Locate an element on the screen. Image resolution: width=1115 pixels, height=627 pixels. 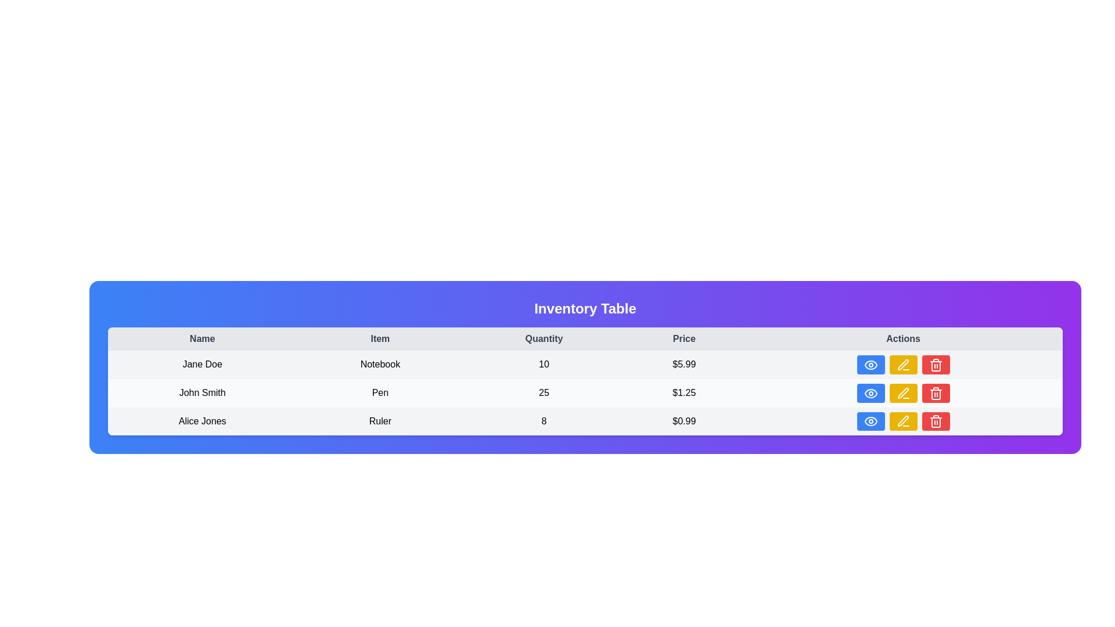
the blue button with rounded corners and a white eye icon in the 'Actions' column corresponding to the item 'Ruler' is located at coordinates (870, 421).